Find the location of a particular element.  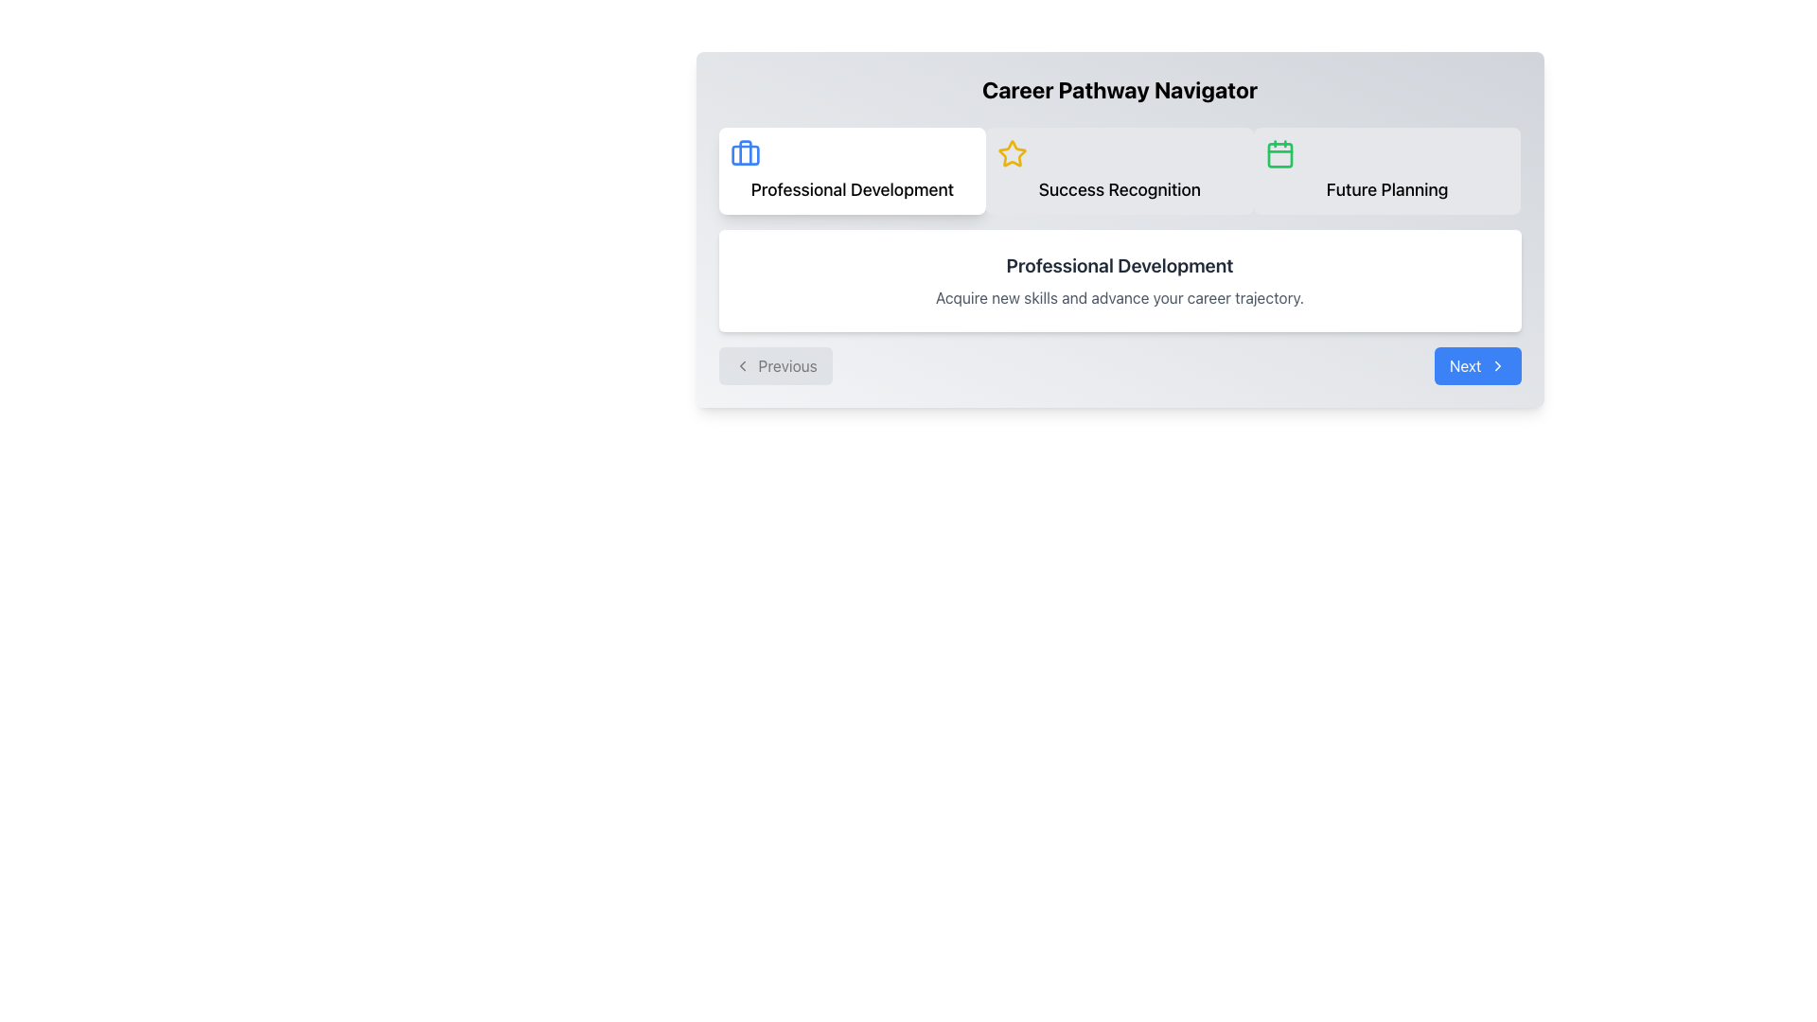

the chevron icon inside the 'Previous' button, which indicates leftward navigation is located at coordinates (741, 365).